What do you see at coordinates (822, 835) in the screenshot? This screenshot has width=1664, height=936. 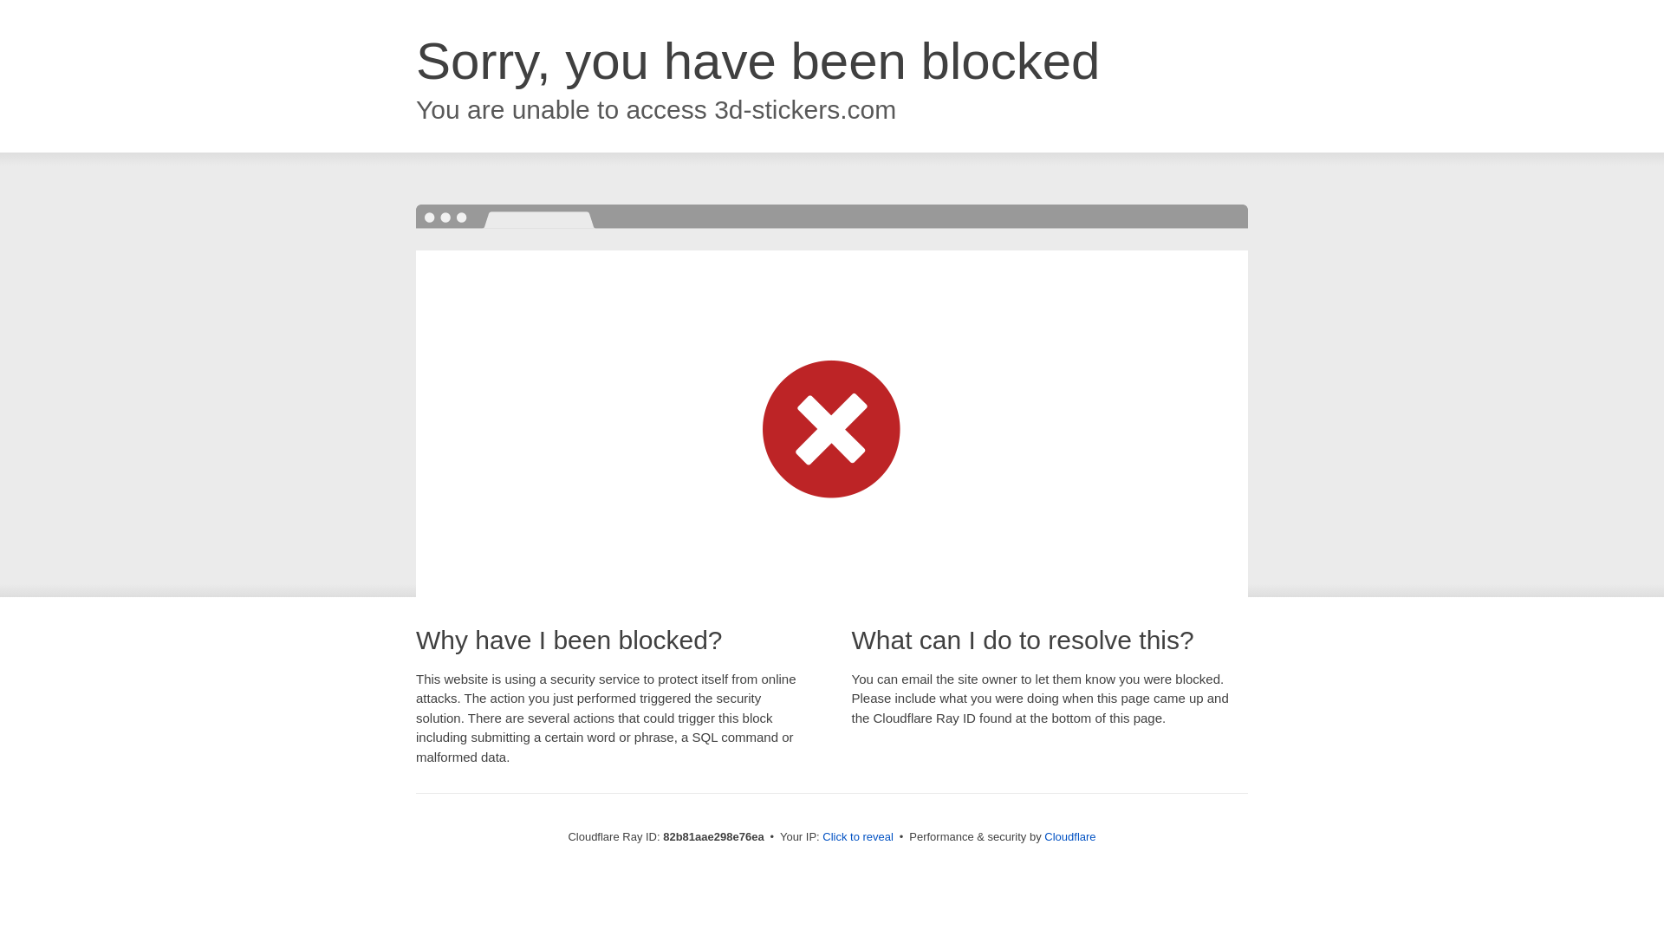 I see `'Click to reveal'` at bounding box center [822, 835].